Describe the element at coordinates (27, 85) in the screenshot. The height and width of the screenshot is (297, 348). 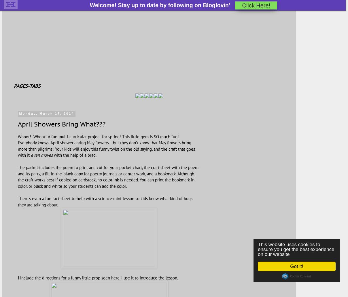
I see `'PAGES-TABS'` at that location.